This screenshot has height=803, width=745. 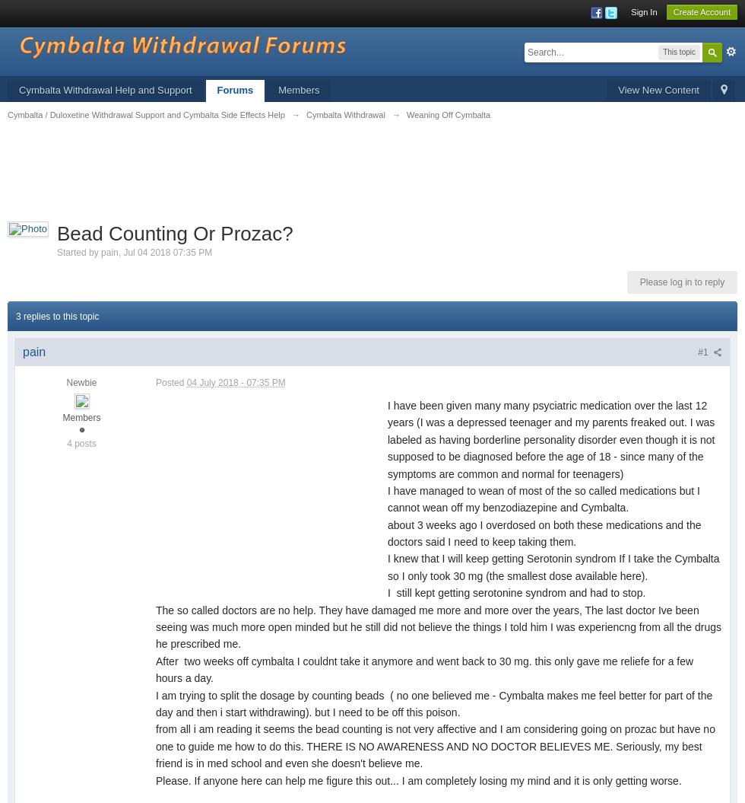 I want to click on 'I have managed to wean of most of the so called medications but I cannot wean off my benzodiazepine and Cymbalta.', so click(x=387, y=498).